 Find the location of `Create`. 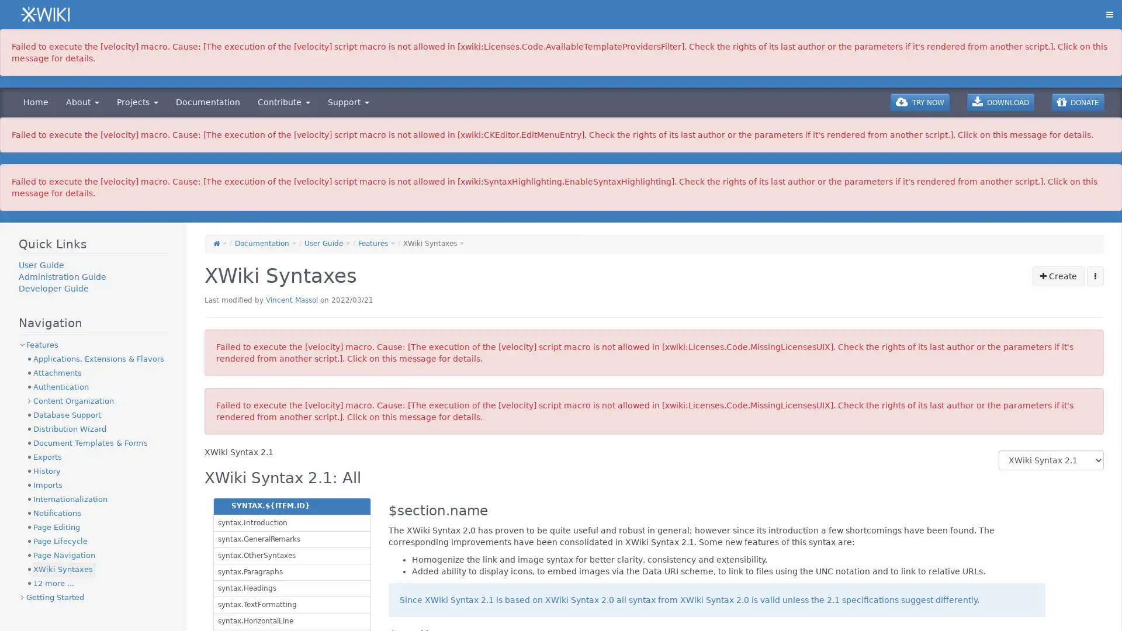

Create is located at coordinates (1058, 276).